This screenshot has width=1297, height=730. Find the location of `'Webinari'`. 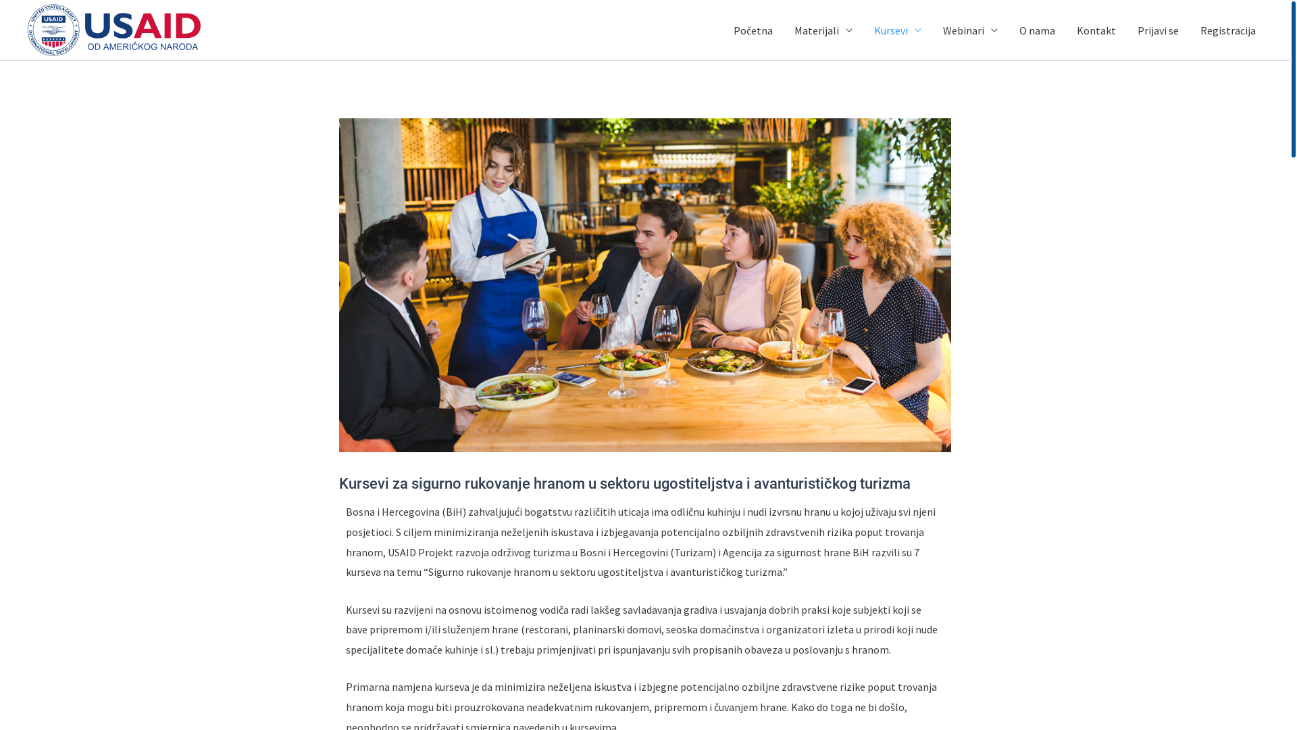

'Webinari' is located at coordinates (932, 29).